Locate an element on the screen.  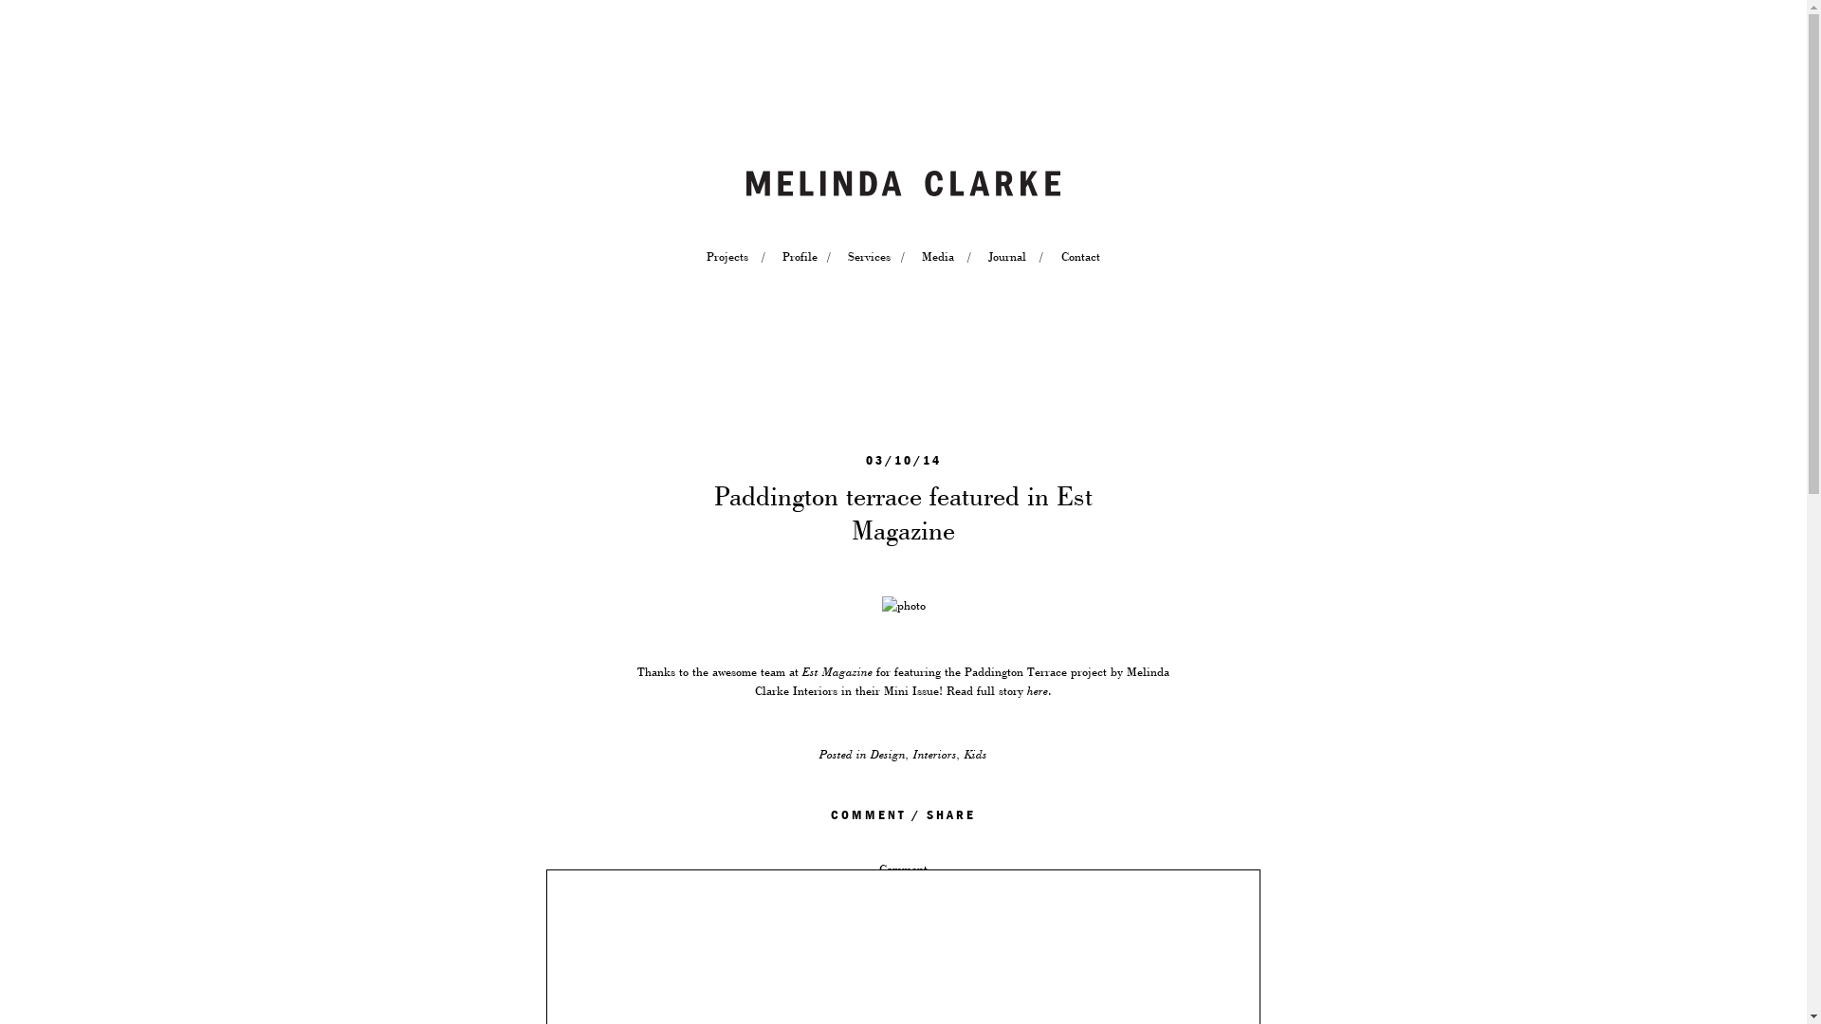
'Media' is located at coordinates (937, 256).